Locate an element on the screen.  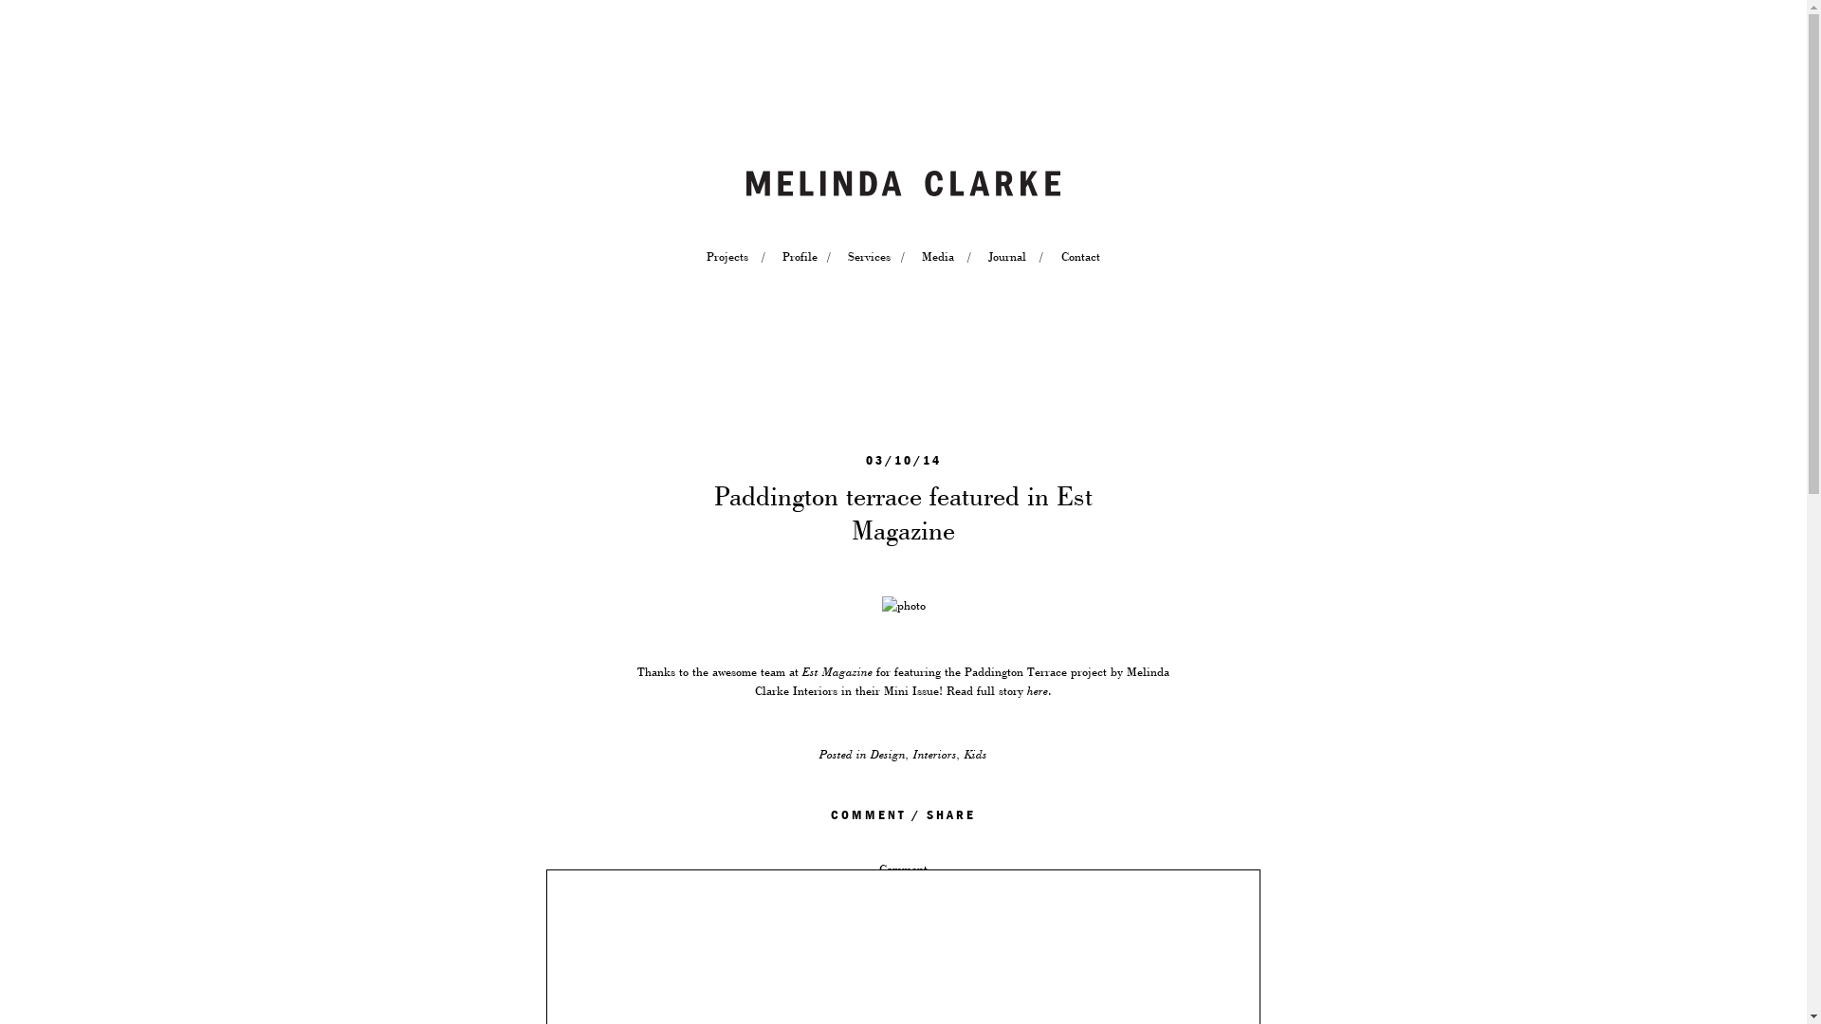
'Media' is located at coordinates (937, 256).